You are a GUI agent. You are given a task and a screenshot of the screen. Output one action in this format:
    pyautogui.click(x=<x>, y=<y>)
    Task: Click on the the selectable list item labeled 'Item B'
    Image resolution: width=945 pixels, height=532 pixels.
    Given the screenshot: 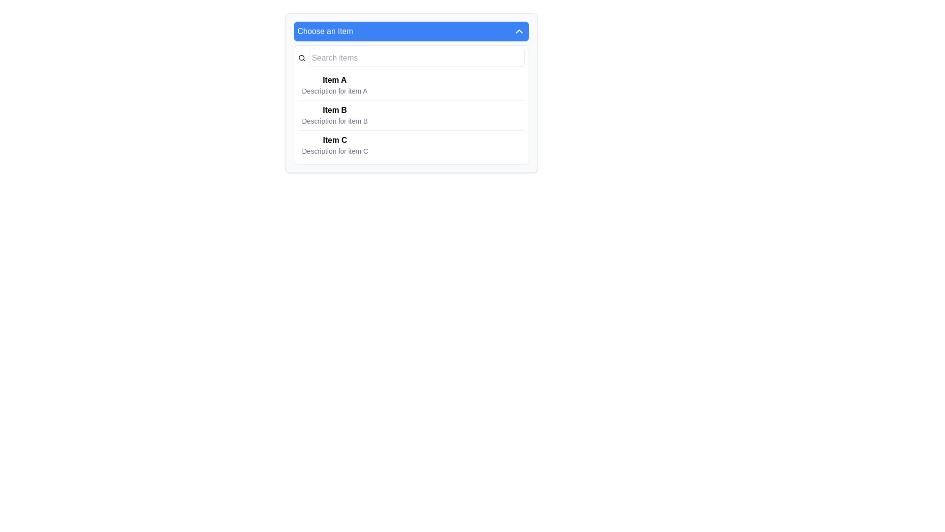 What is the action you would take?
    pyautogui.click(x=335, y=115)
    